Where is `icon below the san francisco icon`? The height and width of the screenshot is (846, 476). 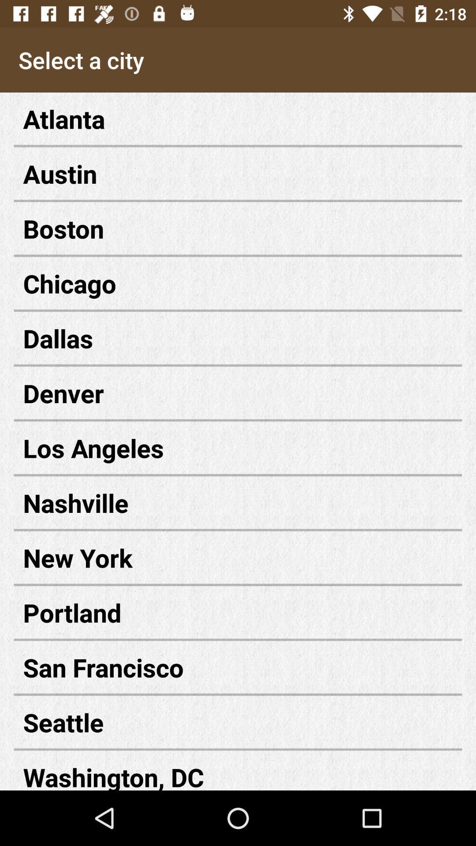
icon below the san francisco icon is located at coordinates (238, 722).